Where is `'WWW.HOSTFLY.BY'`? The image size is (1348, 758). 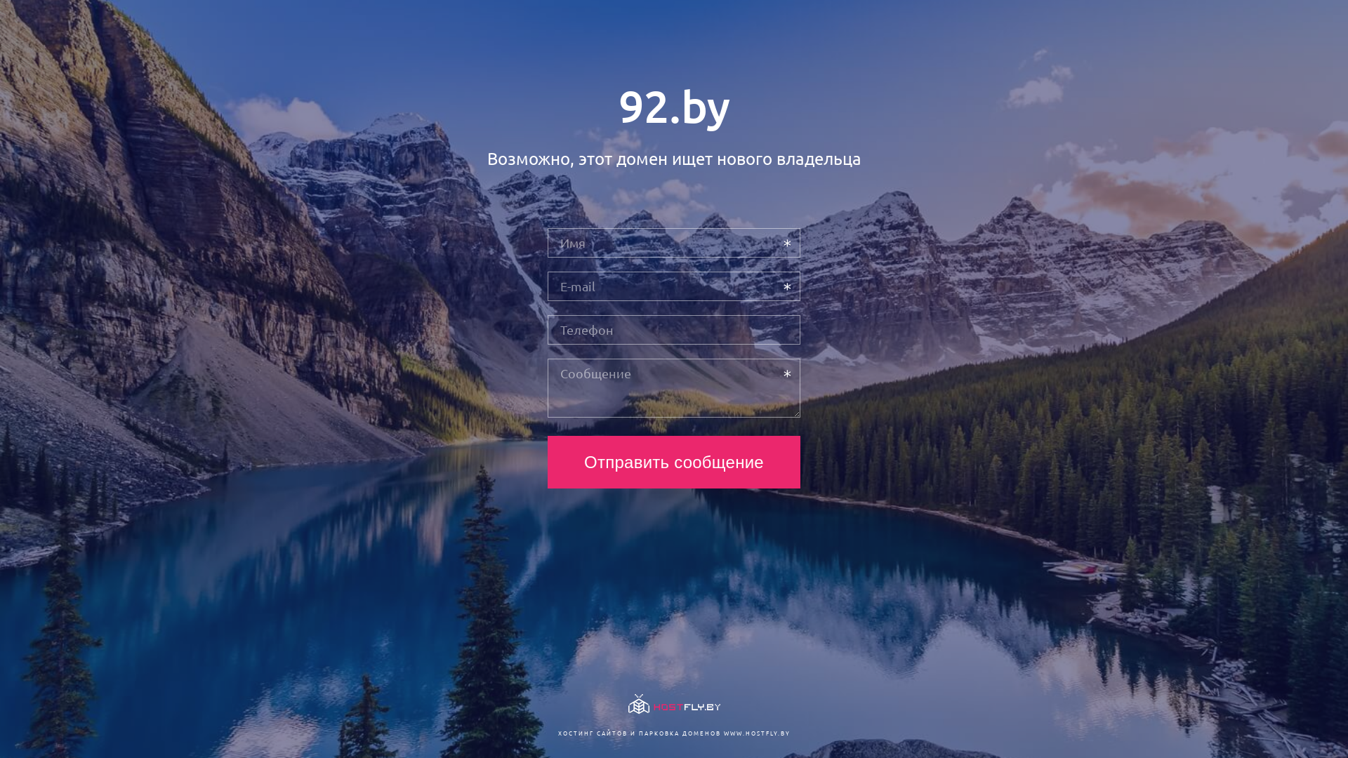
'WWW.HOSTFLY.BY' is located at coordinates (755, 732).